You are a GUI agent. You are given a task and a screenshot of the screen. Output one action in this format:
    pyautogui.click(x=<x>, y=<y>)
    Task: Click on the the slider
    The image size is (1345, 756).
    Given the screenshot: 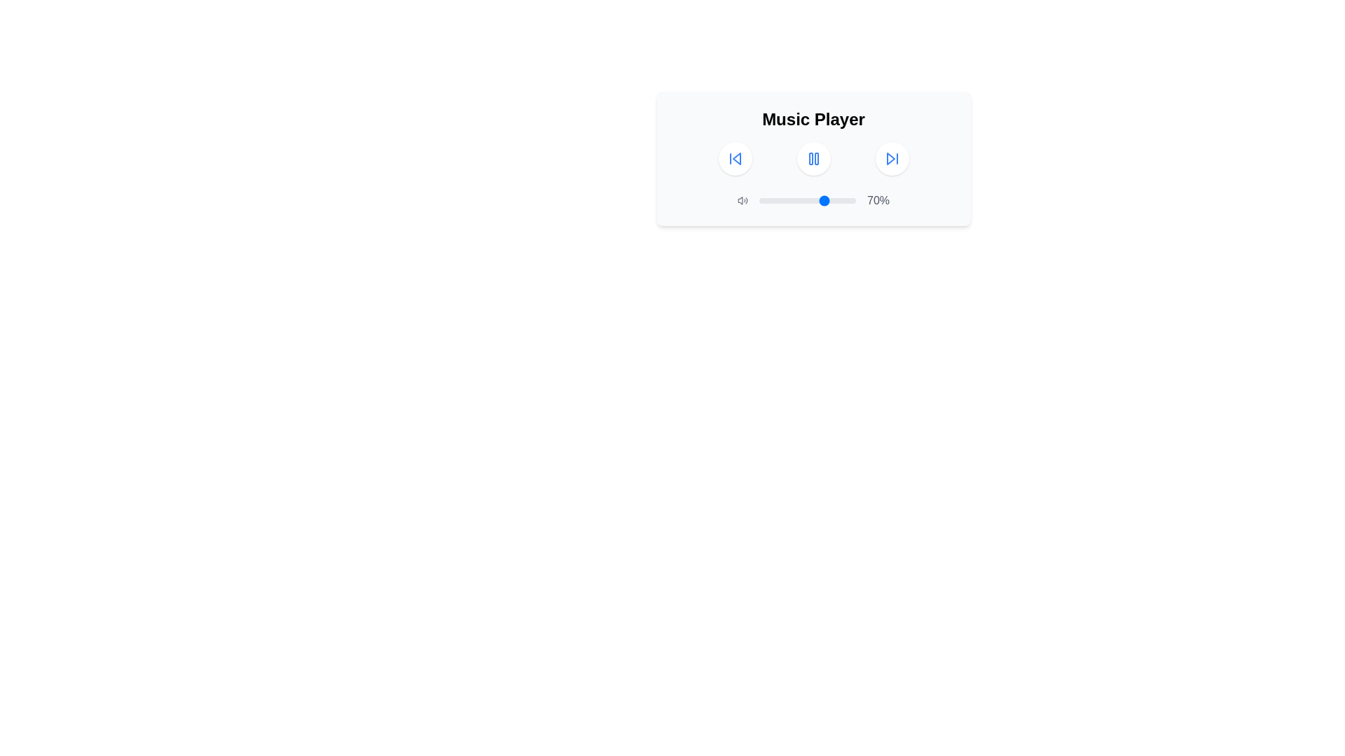 What is the action you would take?
    pyautogui.click(x=785, y=200)
    